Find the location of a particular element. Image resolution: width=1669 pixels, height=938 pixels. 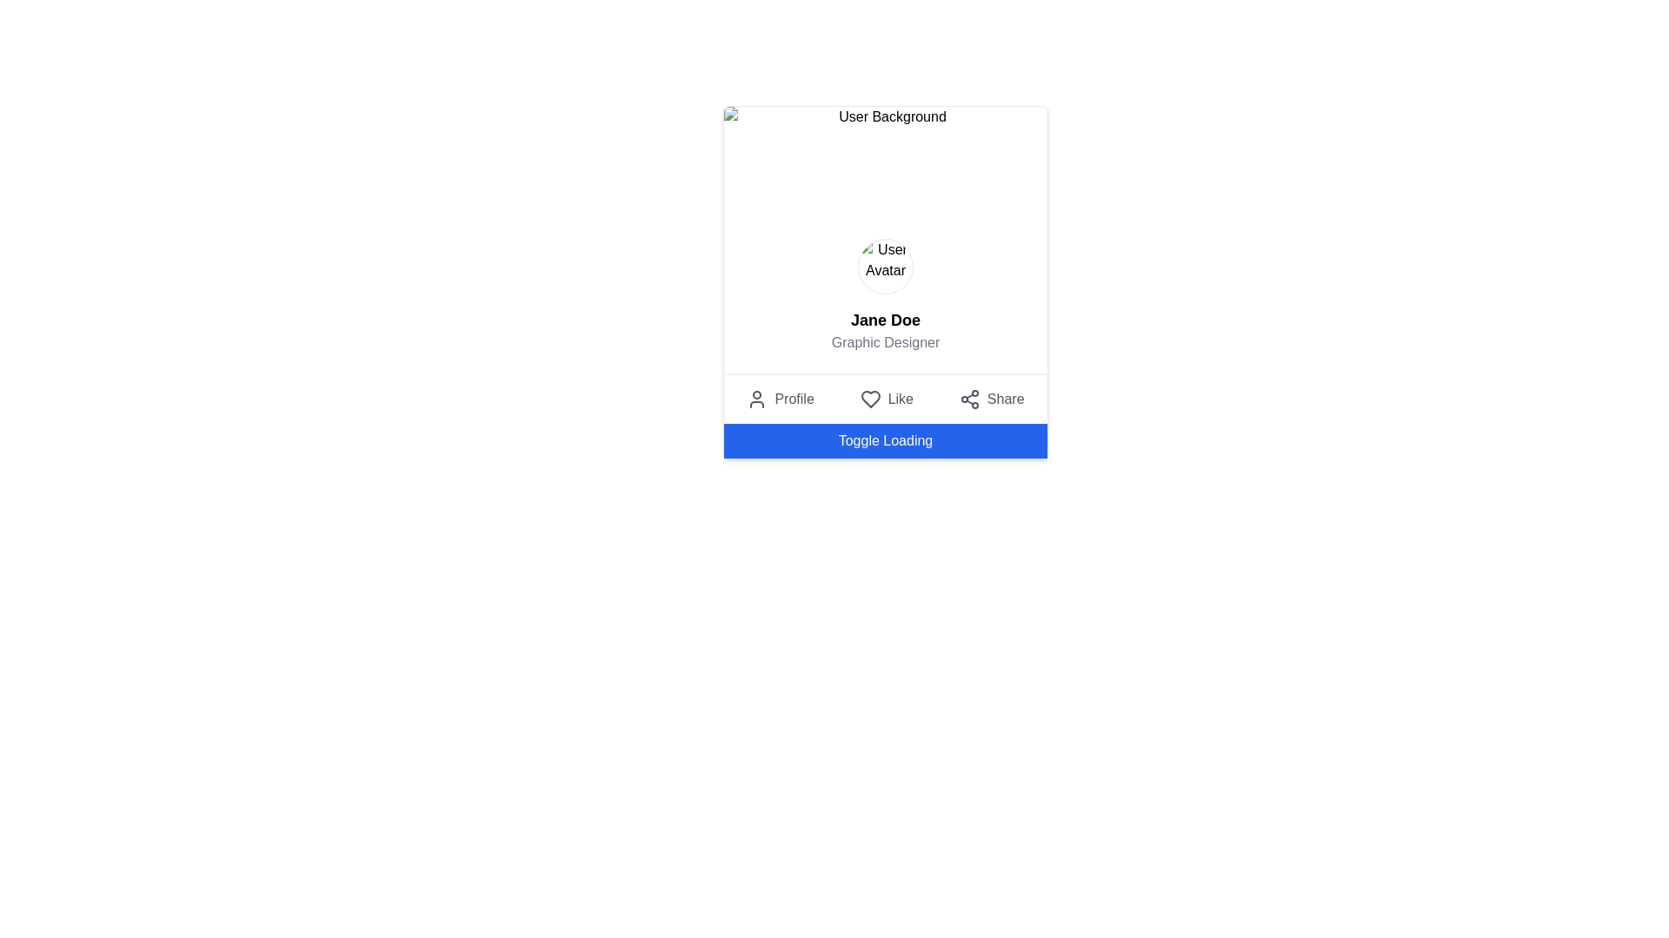

the Profile card with text and image located in the middle of the card, displaying the user's identity including their name and professional title is located at coordinates (885, 294).